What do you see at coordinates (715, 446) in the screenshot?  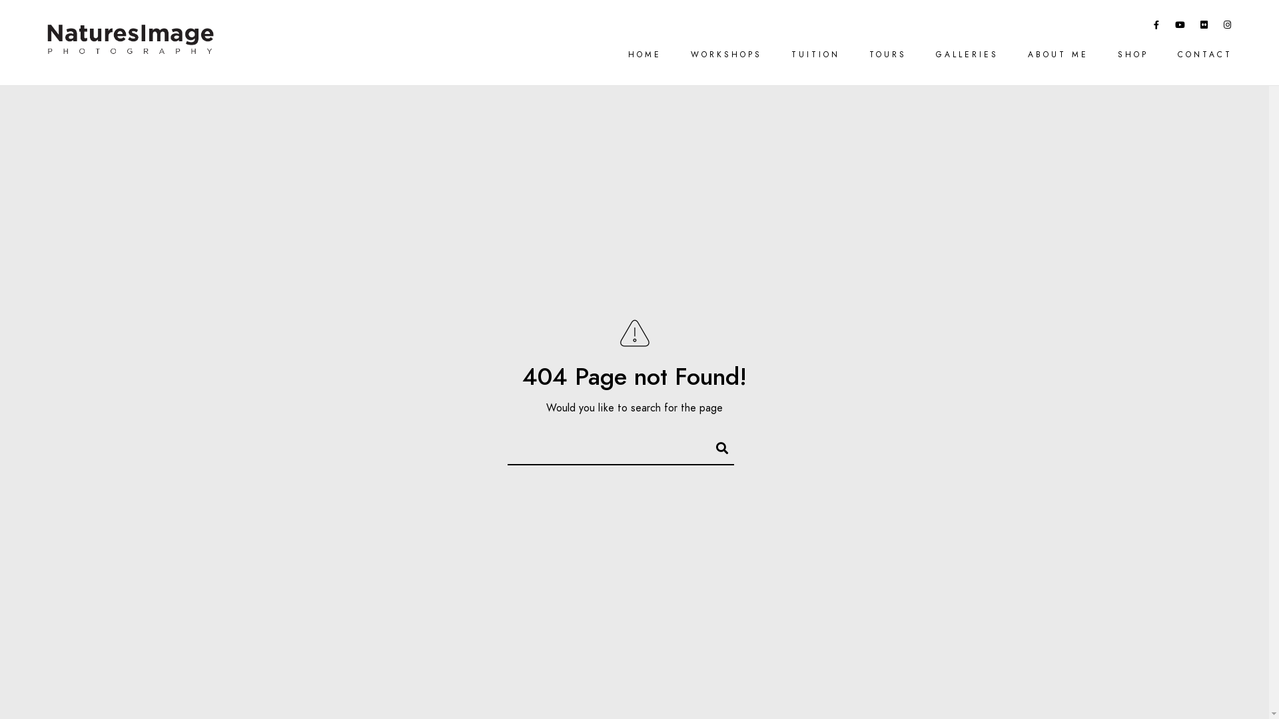 I see `'Search'` at bounding box center [715, 446].